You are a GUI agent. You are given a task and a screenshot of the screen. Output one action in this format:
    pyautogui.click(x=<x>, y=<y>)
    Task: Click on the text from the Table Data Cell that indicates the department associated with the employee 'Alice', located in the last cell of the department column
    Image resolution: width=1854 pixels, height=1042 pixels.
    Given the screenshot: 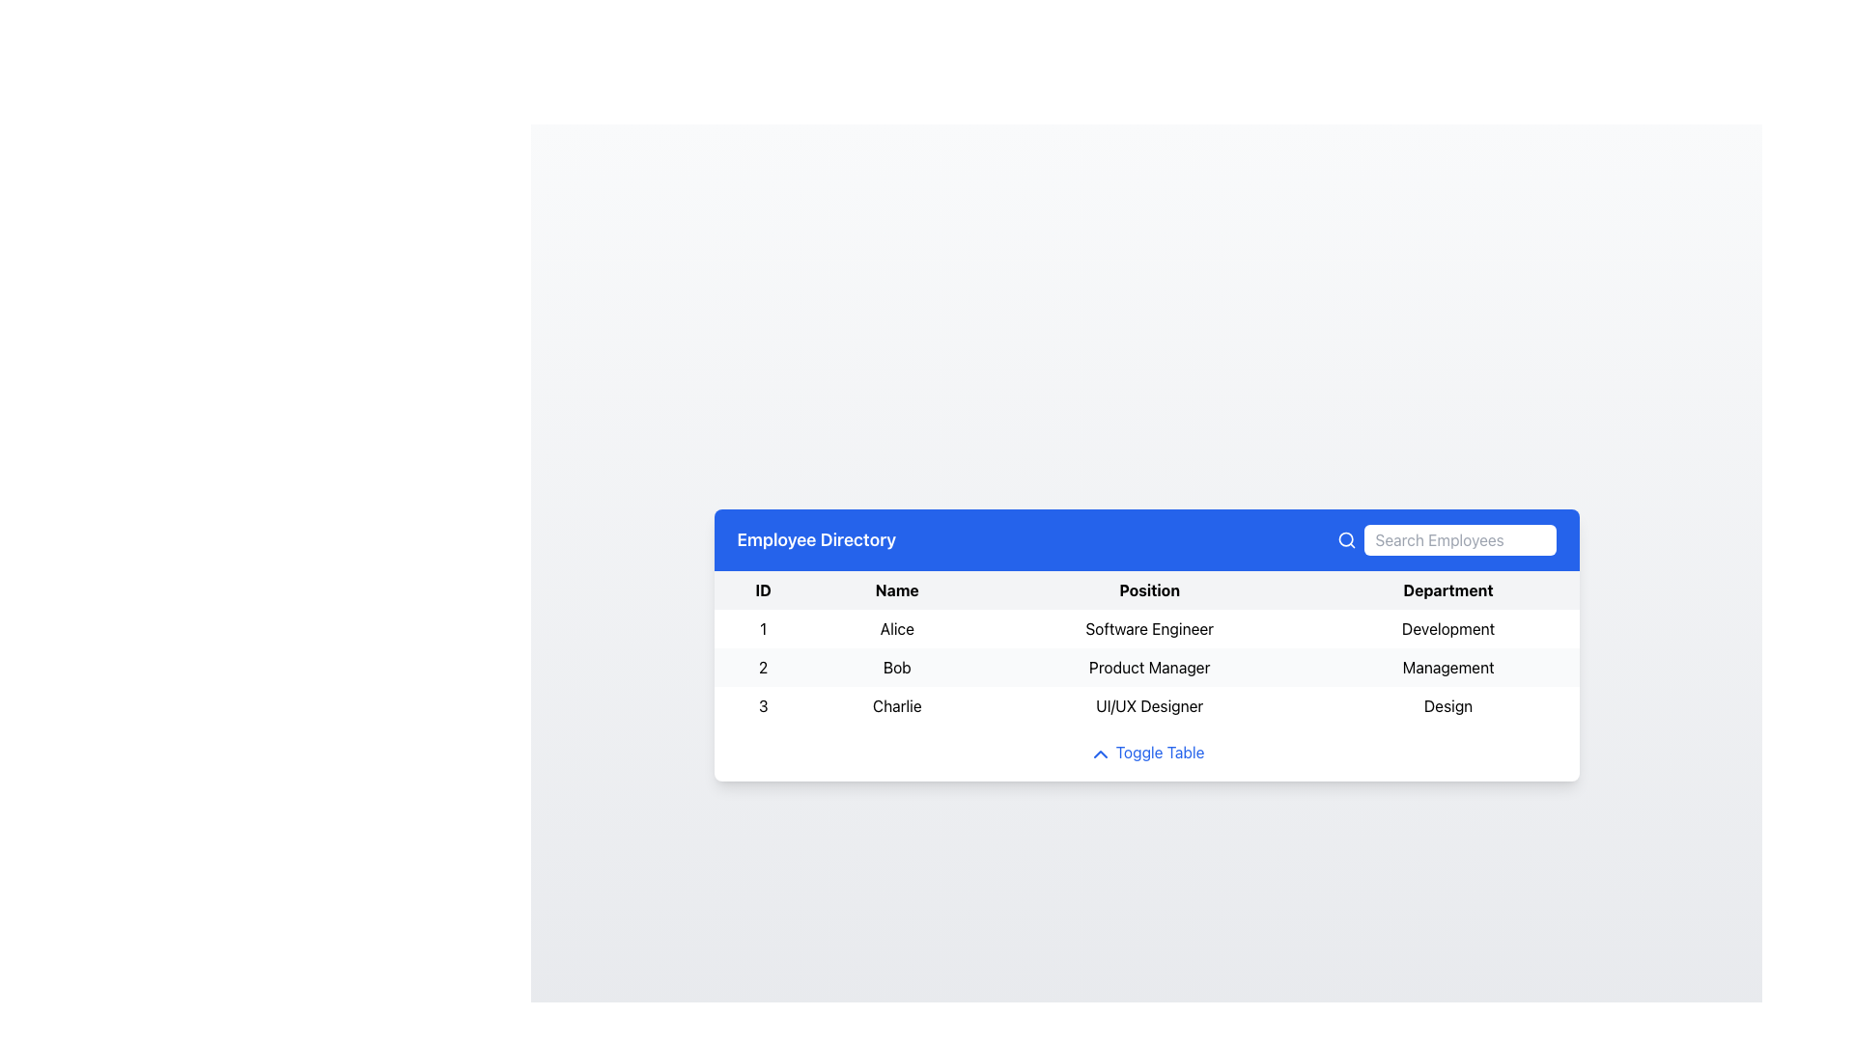 What is the action you would take?
    pyautogui.click(x=1448, y=629)
    